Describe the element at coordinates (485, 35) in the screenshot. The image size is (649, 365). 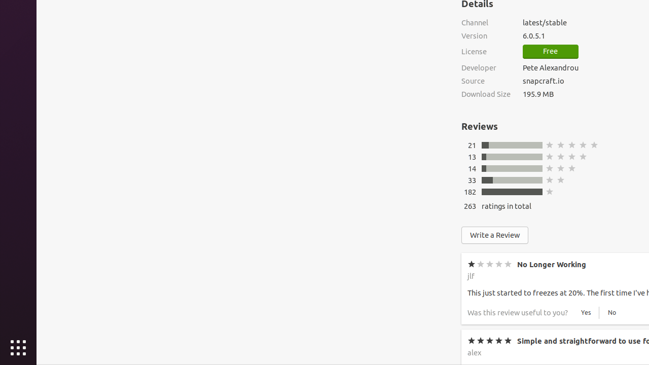
I see `'Version'` at that location.